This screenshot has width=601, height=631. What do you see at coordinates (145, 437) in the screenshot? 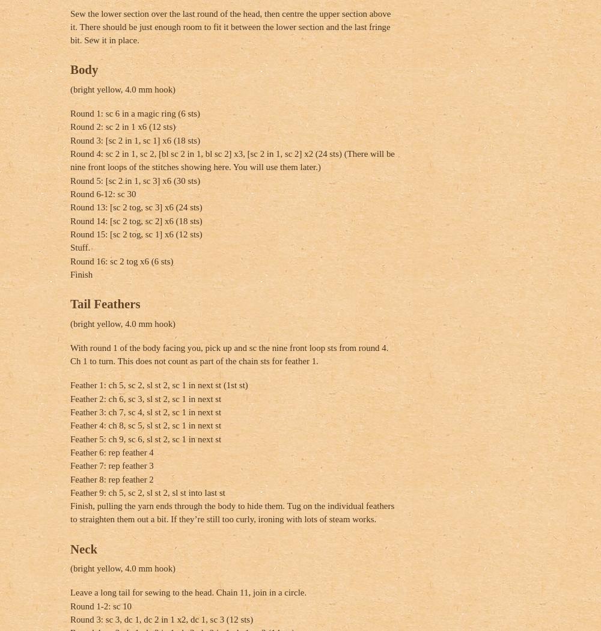
I see `'Feather 5: ch 9, sc 6, sl st 2, sc 1 in next st'` at bounding box center [145, 437].